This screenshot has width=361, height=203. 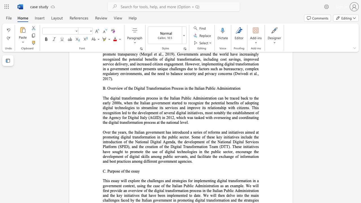 What do you see at coordinates (205, 156) in the screenshot?
I see `the space between the continuous character "i" and "t" in the text` at bounding box center [205, 156].